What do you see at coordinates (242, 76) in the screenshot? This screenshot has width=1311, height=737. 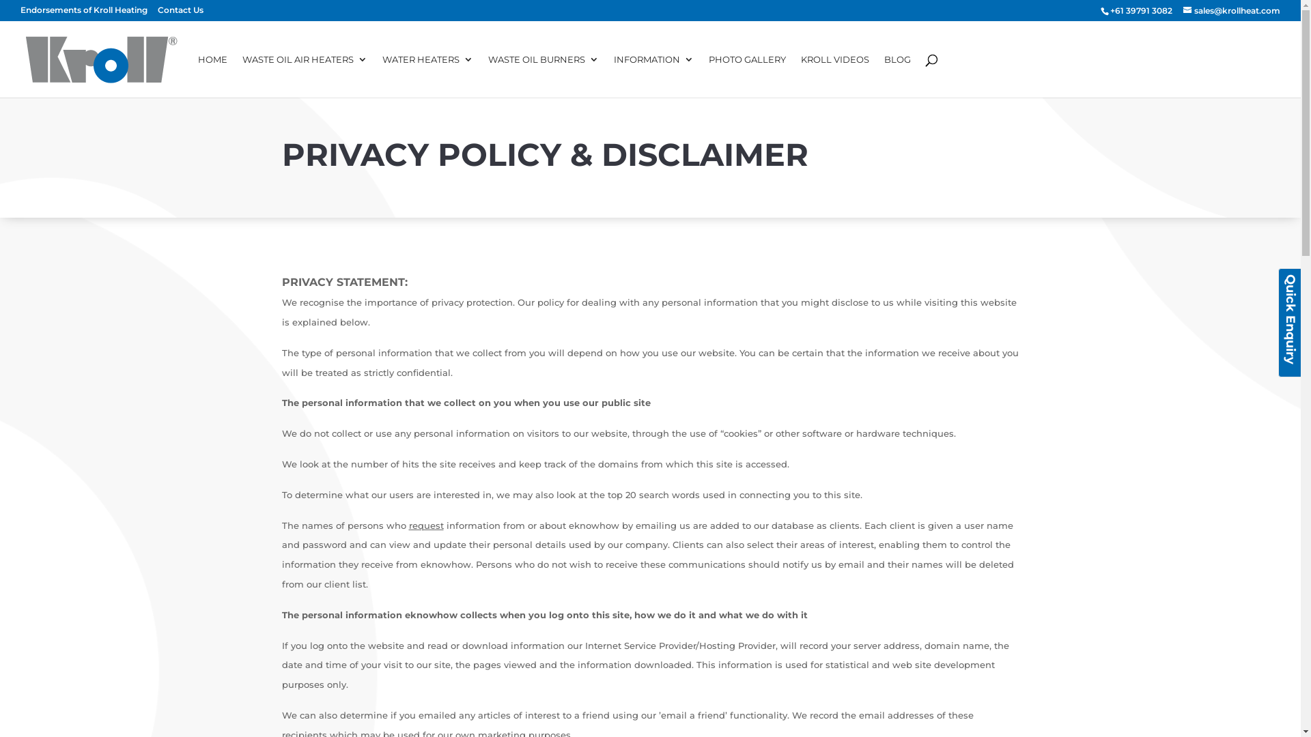 I see `'WASTE OIL AIR HEATERS'` at bounding box center [242, 76].